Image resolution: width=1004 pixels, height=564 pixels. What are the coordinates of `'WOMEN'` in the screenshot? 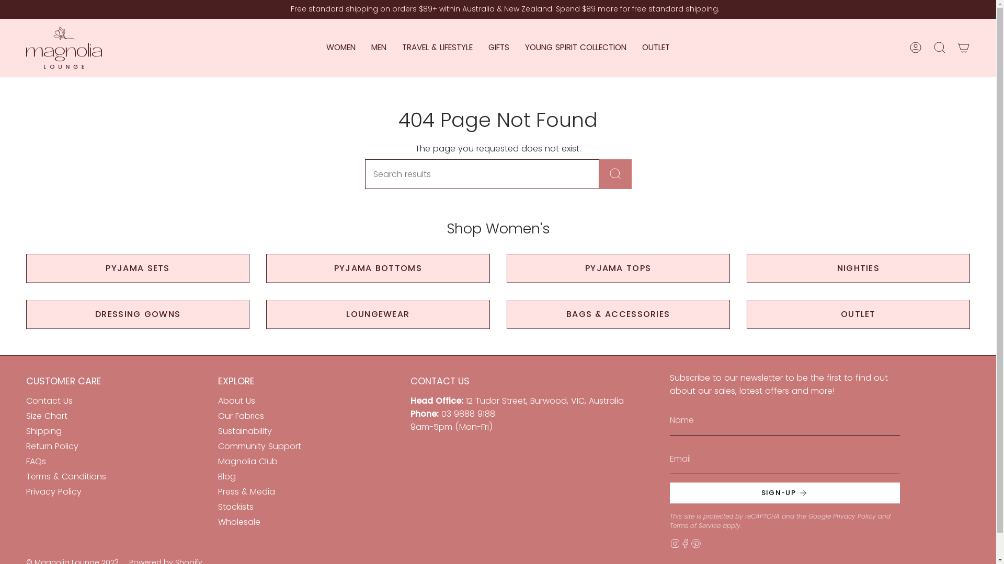 It's located at (341, 48).